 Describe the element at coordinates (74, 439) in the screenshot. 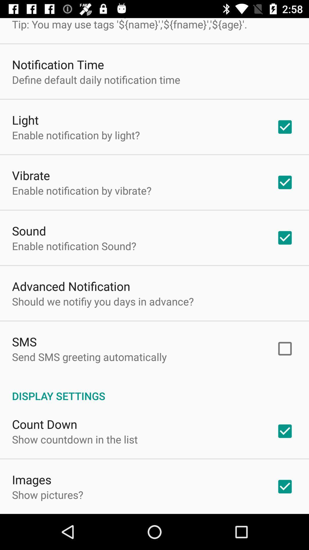

I see `app above the images app` at that location.